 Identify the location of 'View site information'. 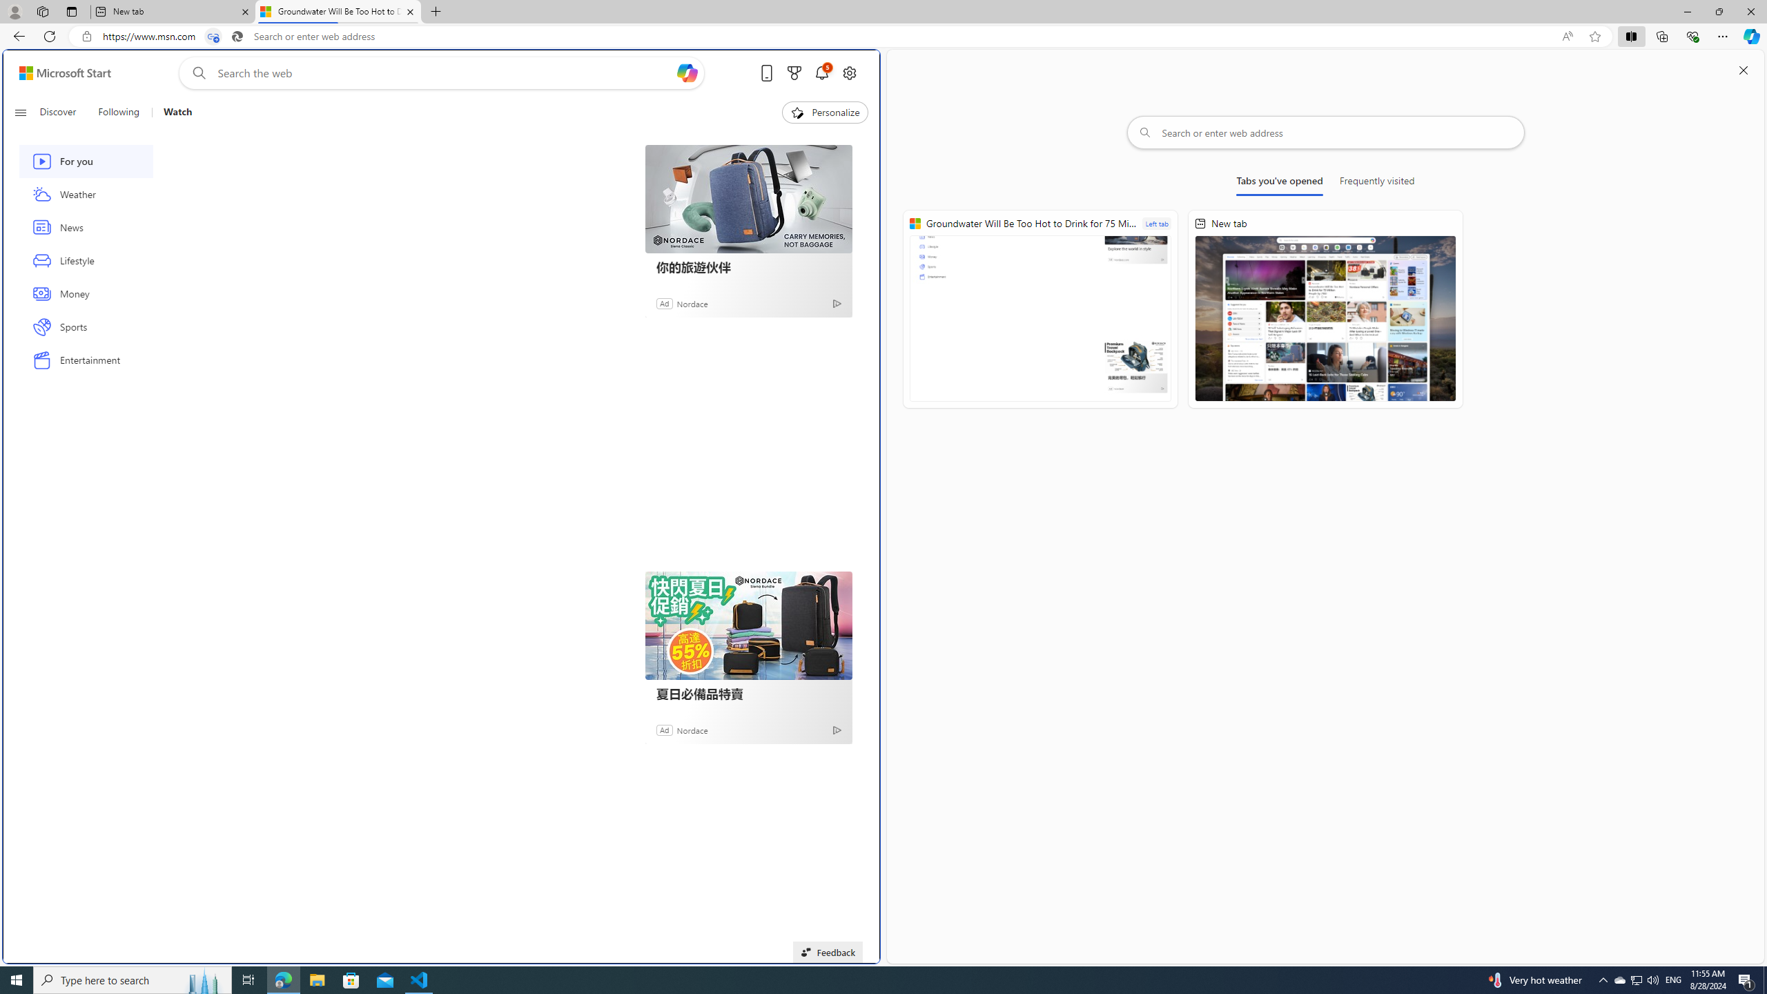
(86, 37).